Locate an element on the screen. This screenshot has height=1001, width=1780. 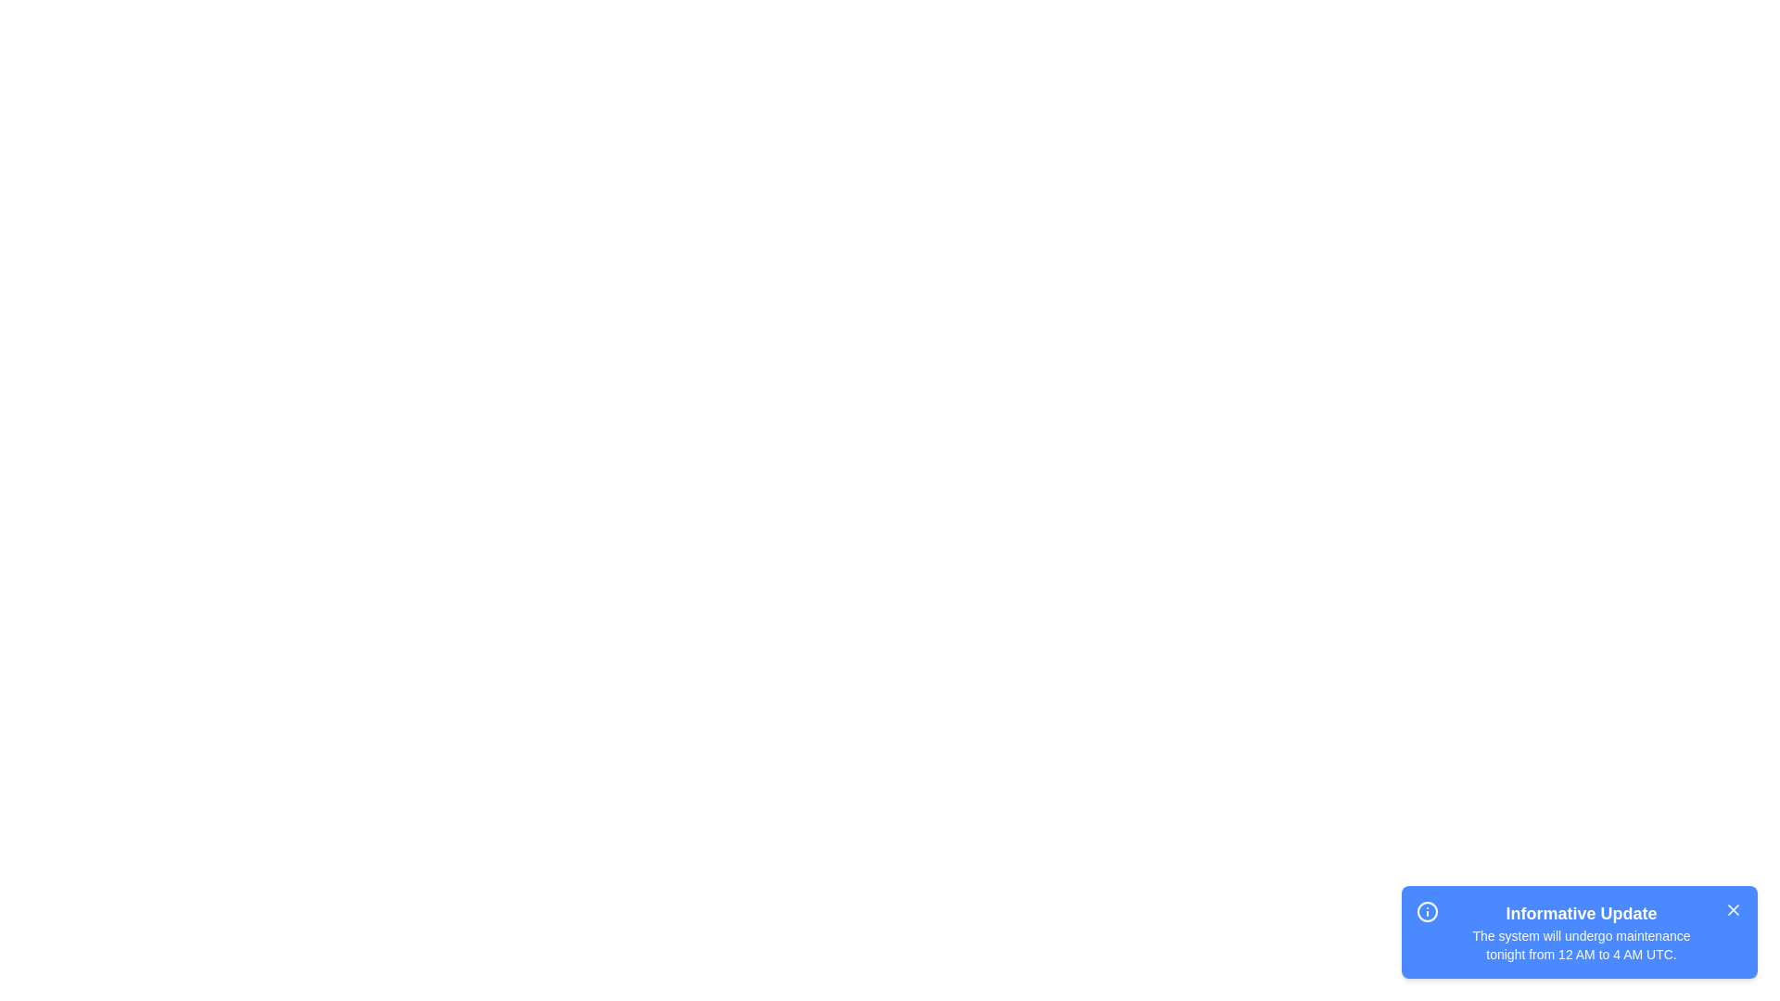
the close button of the snackbar to dismiss it is located at coordinates (1733, 909).